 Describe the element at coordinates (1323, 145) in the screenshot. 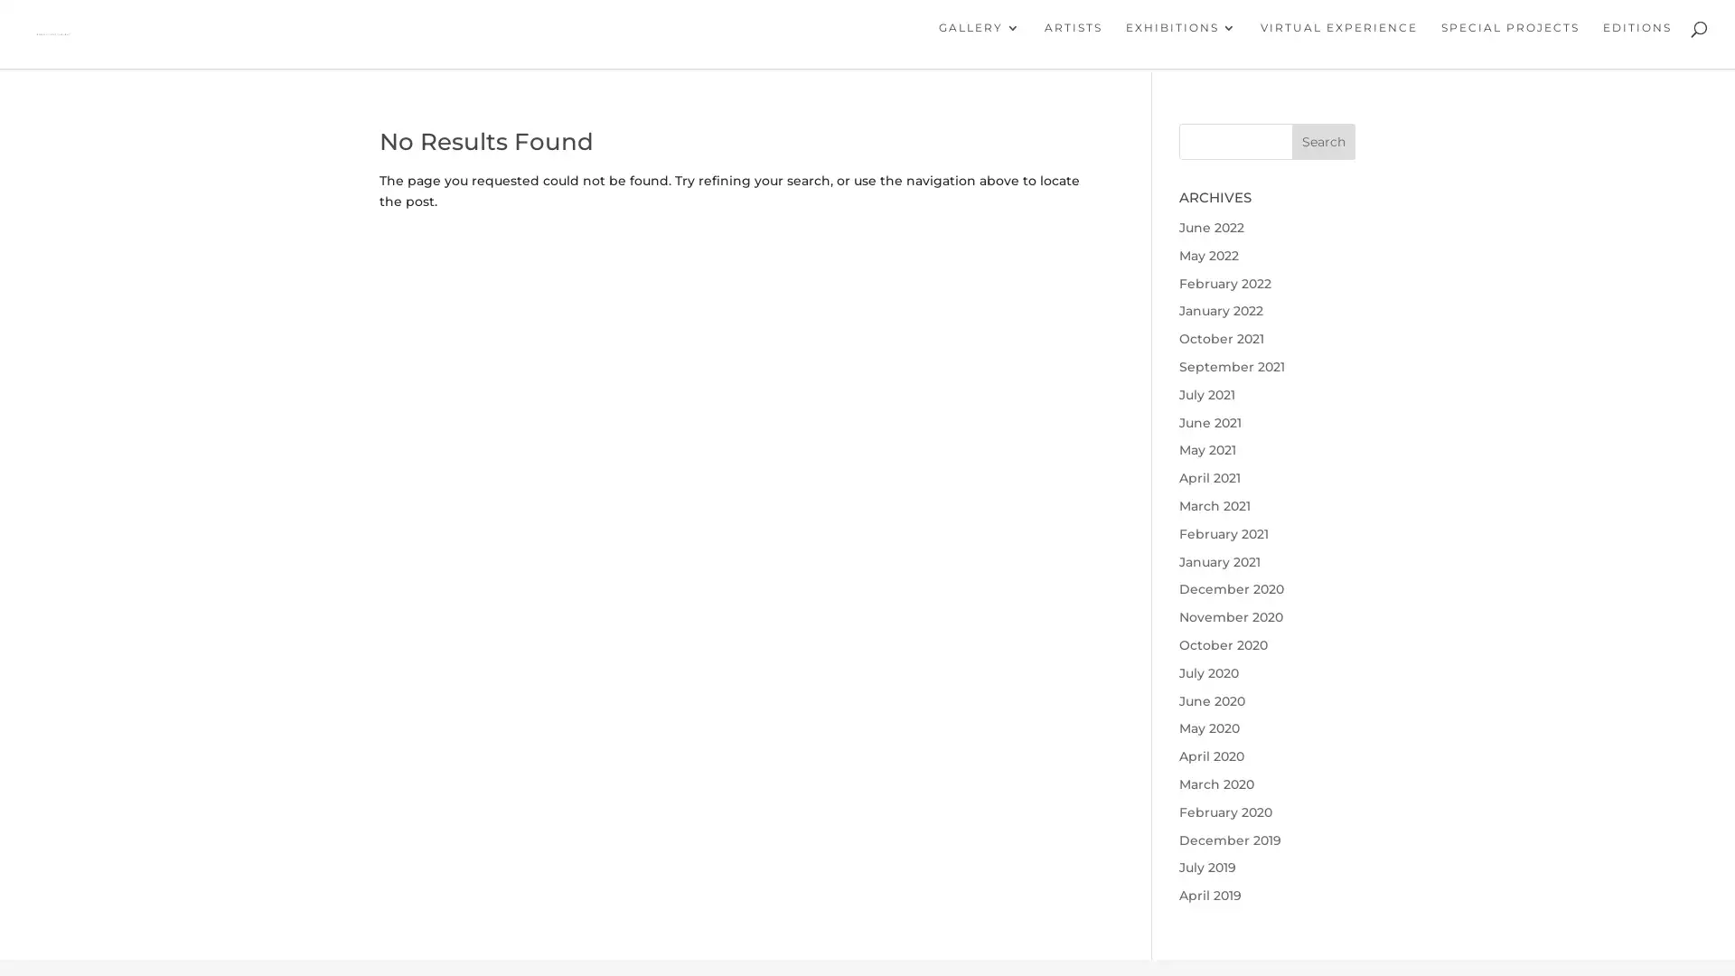

I see `Search` at that location.